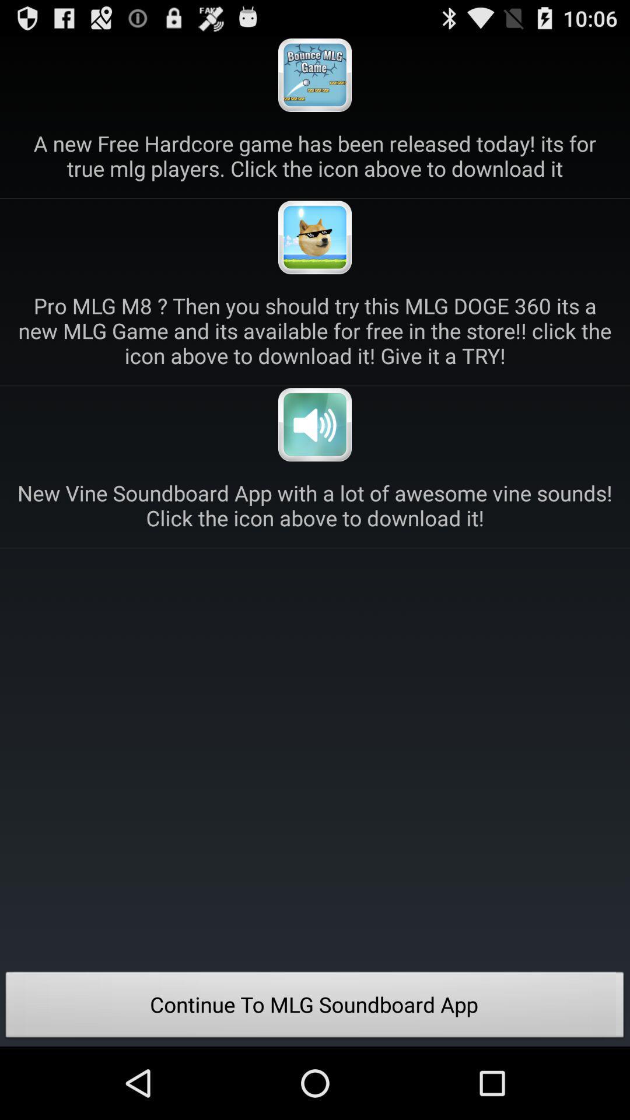 The image size is (630, 1120). I want to click on the icon above the continue to mlg, so click(315, 505).